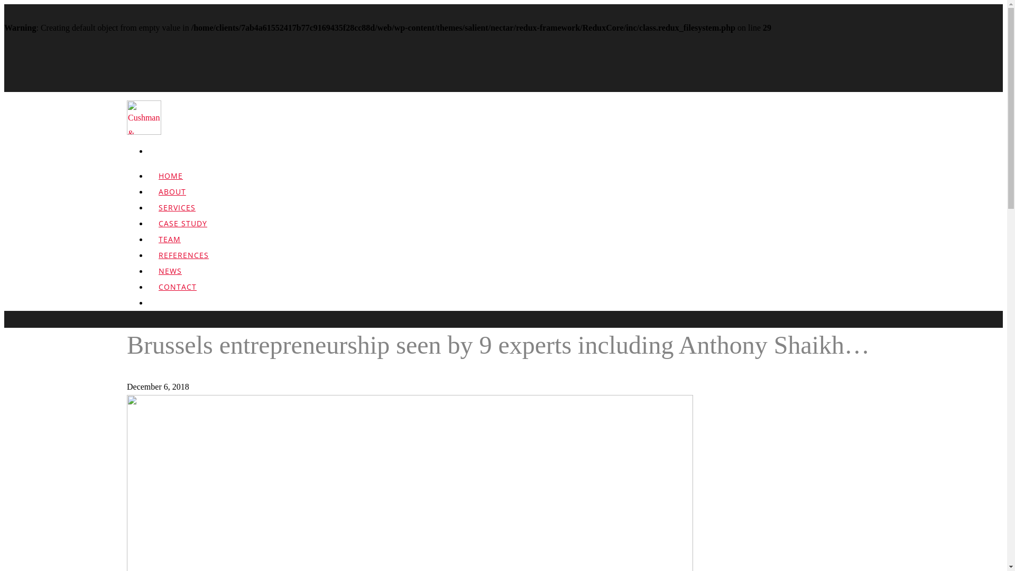 Image resolution: width=1015 pixels, height=571 pixels. Describe the element at coordinates (178, 294) in the screenshot. I see `'CONTACT'` at that location.